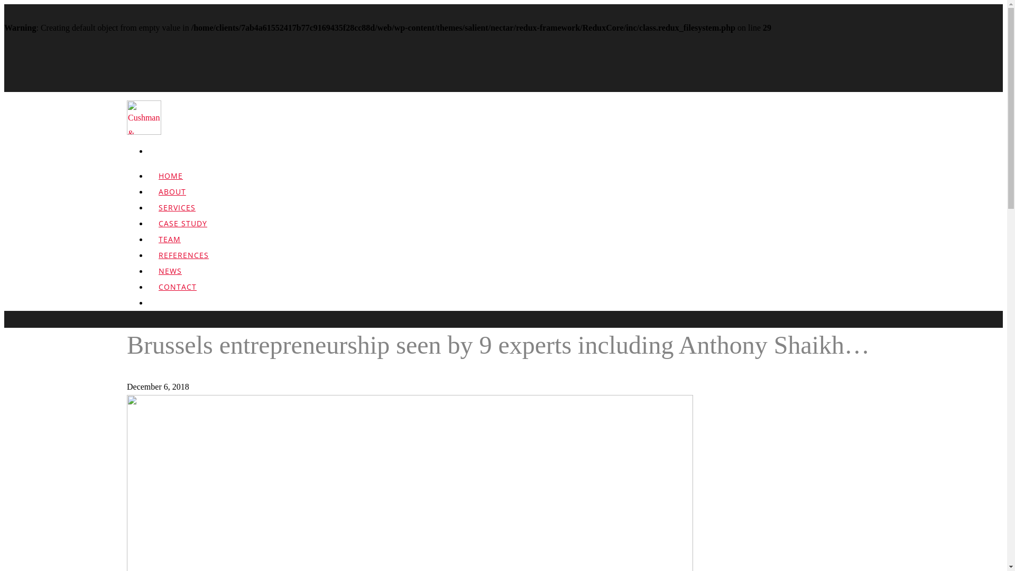 Image resolution: width=1015 pixels, height=571 pixels. Describe the element at coordinates (178, 294) in the screenshot. I see `'CONTACT'` at that location.